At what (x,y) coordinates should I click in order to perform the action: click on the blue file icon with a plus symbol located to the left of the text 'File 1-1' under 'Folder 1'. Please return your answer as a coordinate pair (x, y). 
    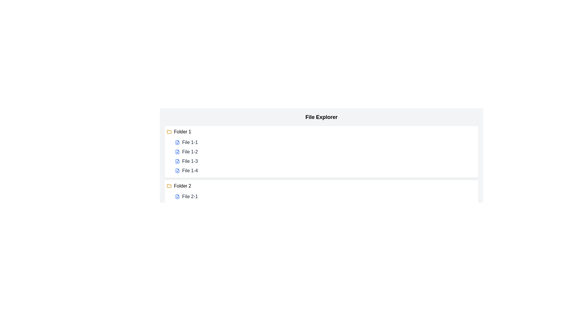
    Looking at the image, I should click on (177, 142).